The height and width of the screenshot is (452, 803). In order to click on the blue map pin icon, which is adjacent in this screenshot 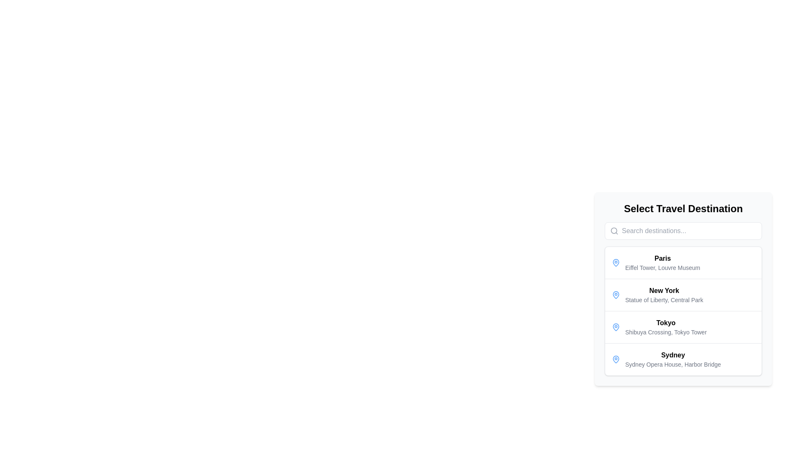, I will do `click(616, 358)`.